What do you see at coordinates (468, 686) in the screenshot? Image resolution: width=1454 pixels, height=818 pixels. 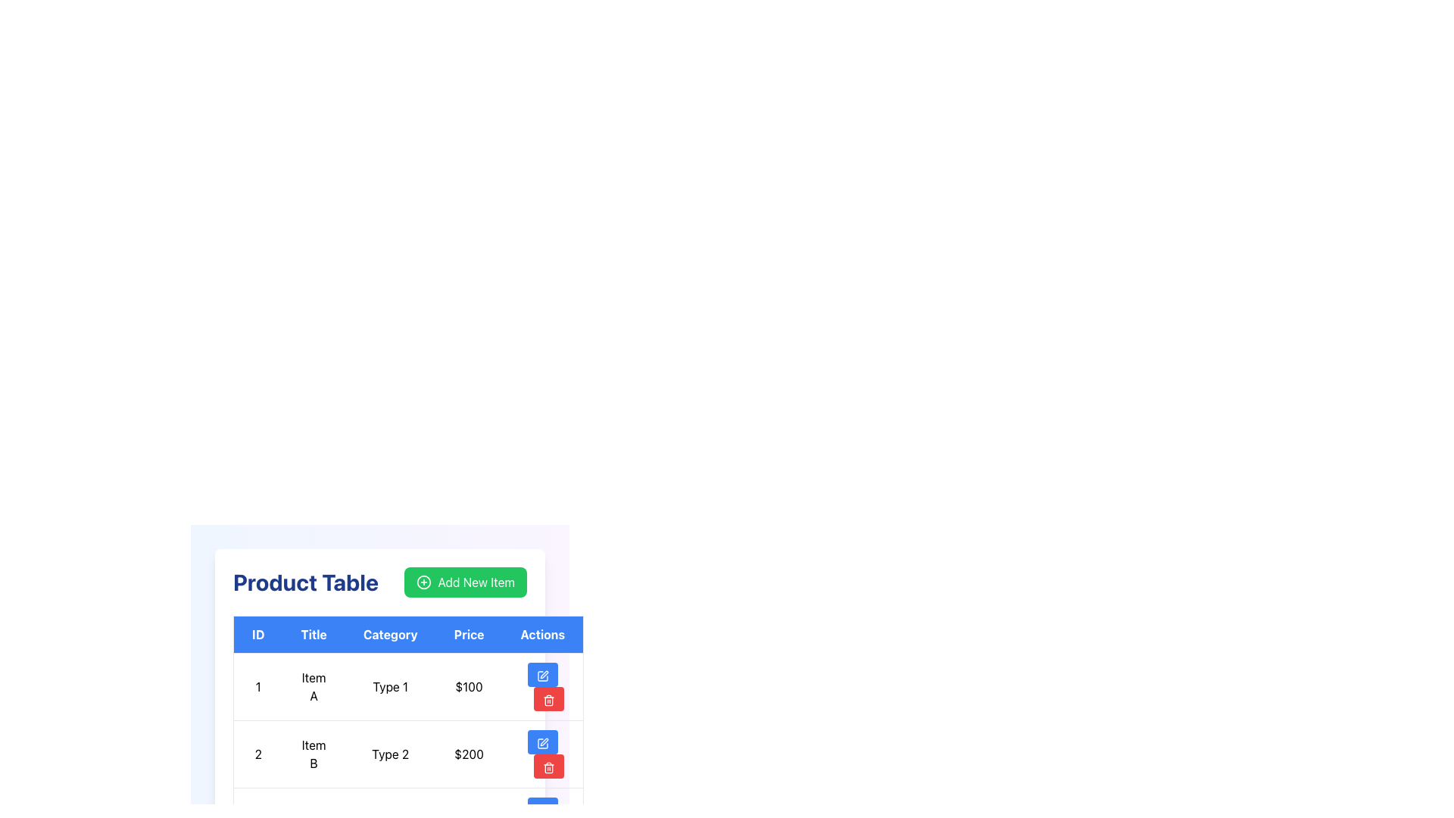 I see `the price value text of the first item in the table, which is located in the first row under the 'Price' column` at bounding box center [468, 686].